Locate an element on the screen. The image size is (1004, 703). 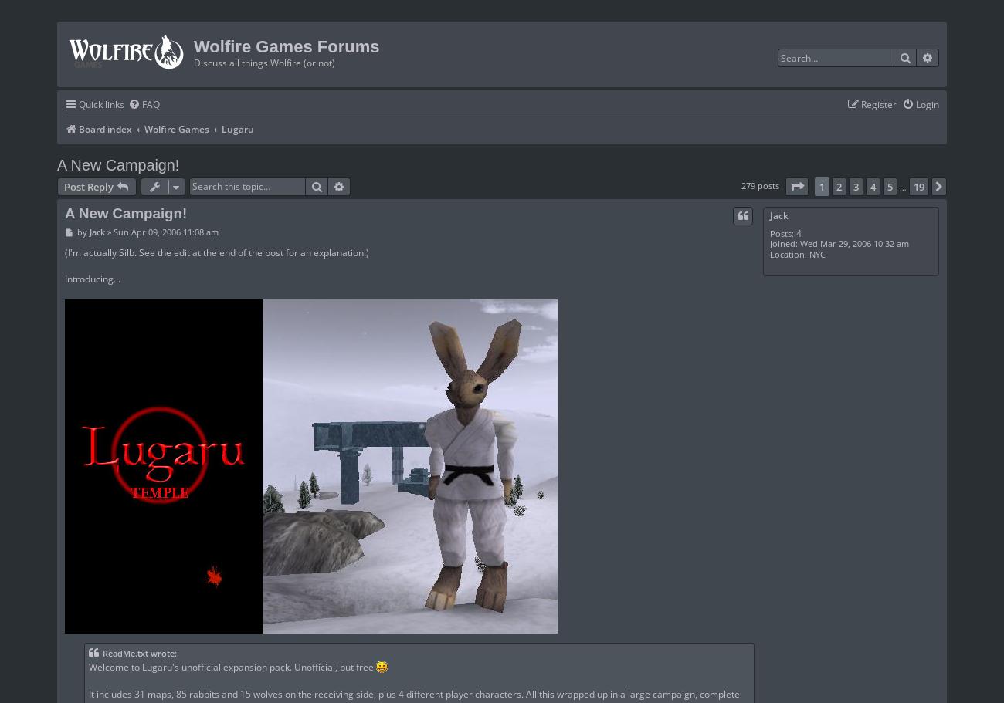
'Register' is located at coordinates (879, 103).